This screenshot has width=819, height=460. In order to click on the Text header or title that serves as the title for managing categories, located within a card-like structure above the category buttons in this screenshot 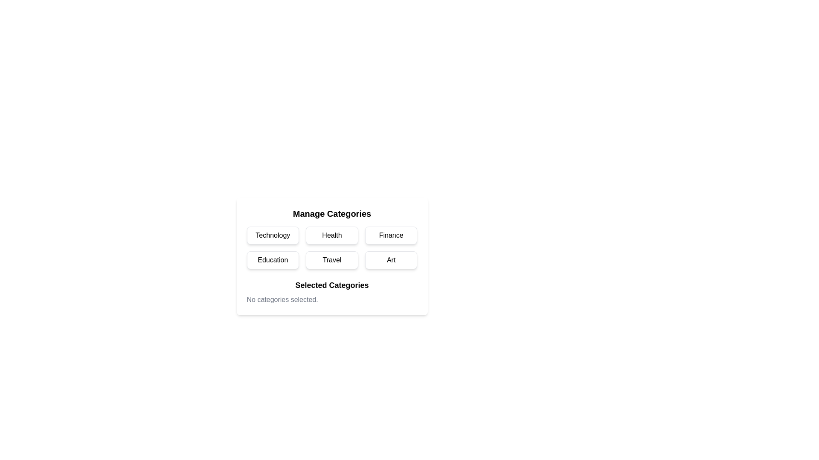, I will do `click(331, 213)`.